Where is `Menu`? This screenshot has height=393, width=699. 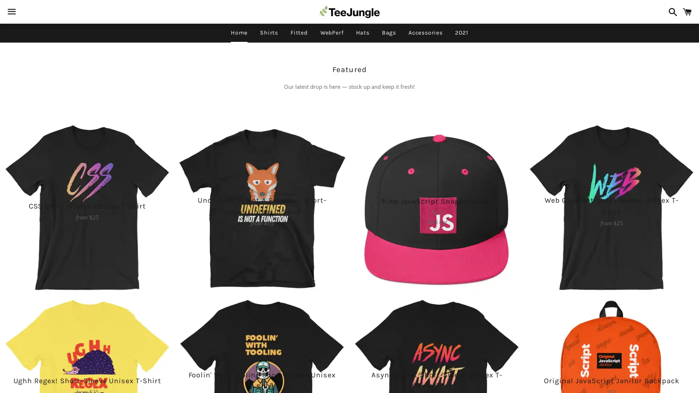
Menu is located at coordinates (12, 11).